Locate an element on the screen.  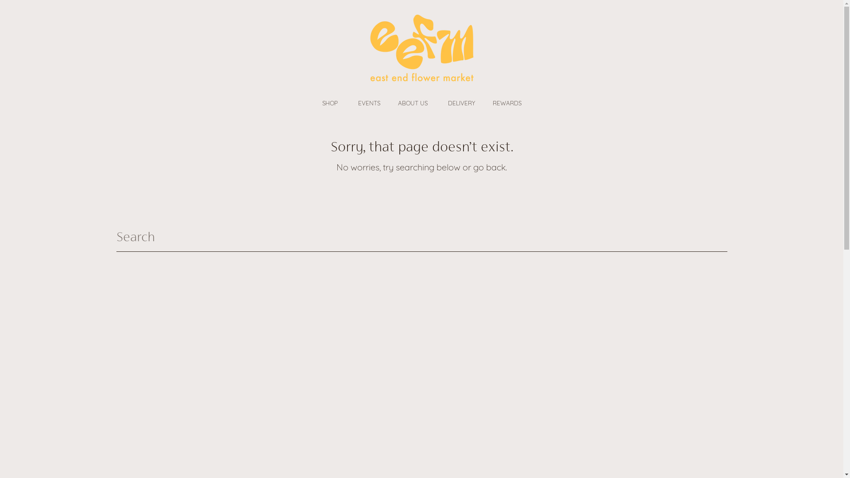
'EVENTS' is located at coordinates (369, 102).